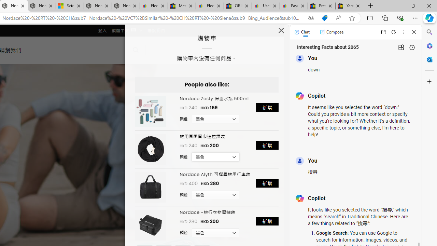  Describe the element at coordinates (332, 32) in the screenshot. I see `'Compose'` at that location.